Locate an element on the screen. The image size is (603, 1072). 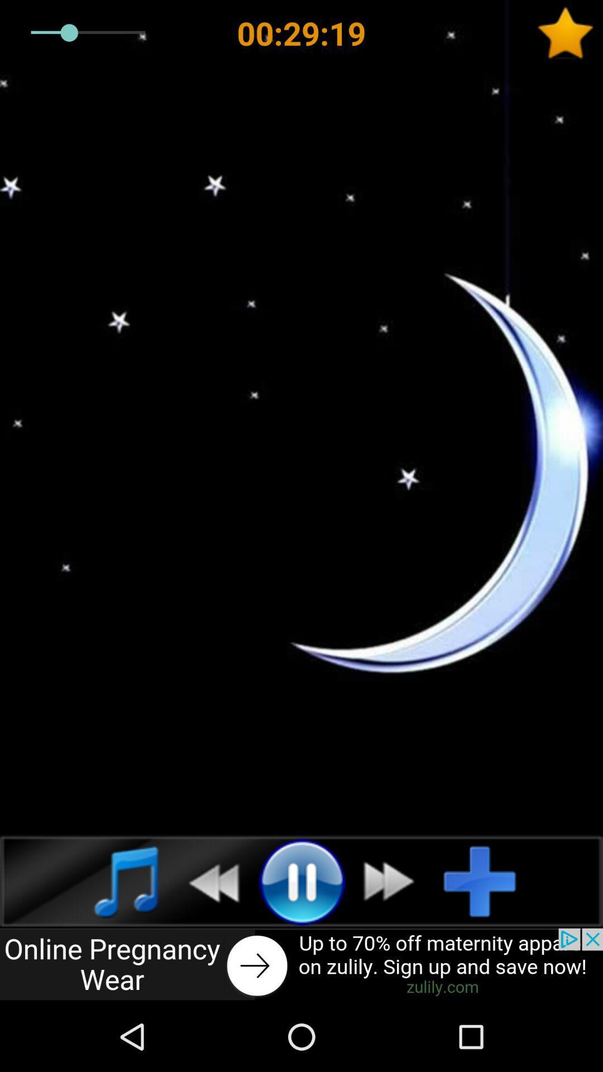
the av_rewind icon is located at coordinates (207, 880).